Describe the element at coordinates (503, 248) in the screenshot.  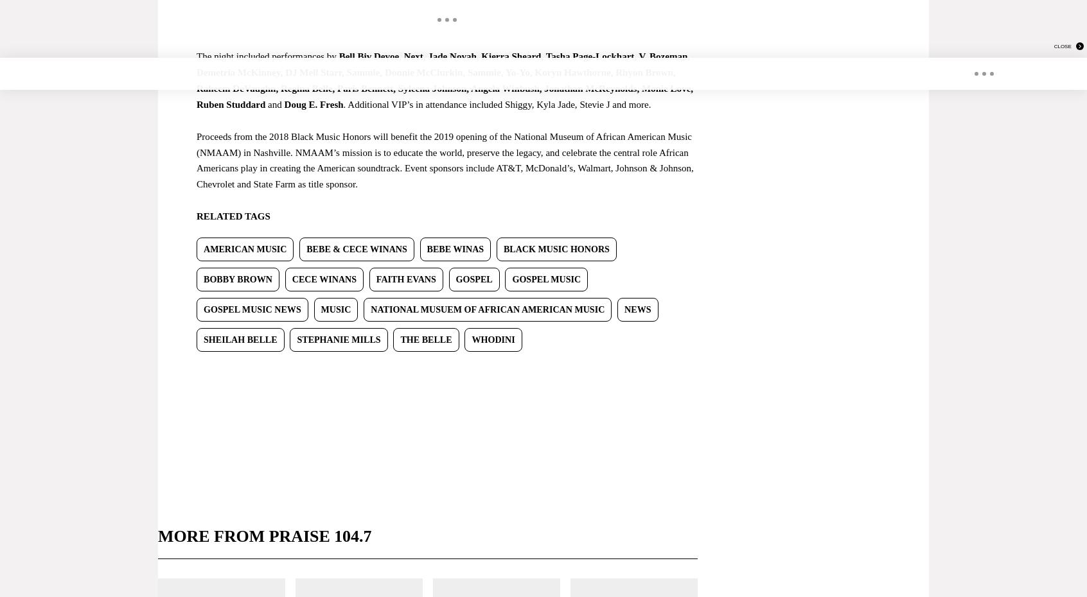
I see `'Black Music Honors'` at that location.